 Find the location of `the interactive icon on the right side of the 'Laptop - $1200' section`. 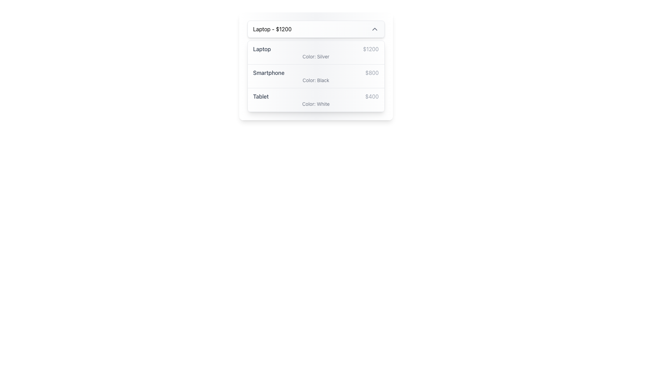

the interactive icon on the right side of the 'Laptop - $1200' section is located at coordinates (374, 29).